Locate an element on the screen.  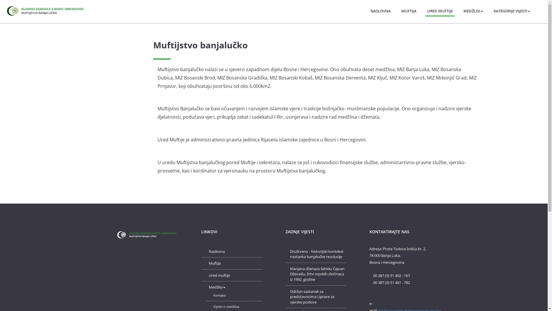
'NASLOVNA' is located at coordinates (369, 10).